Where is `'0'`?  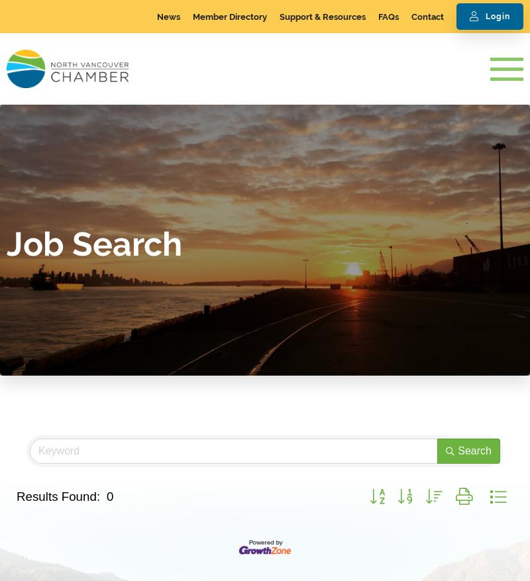
'0' is located at coordinates (110, 496).